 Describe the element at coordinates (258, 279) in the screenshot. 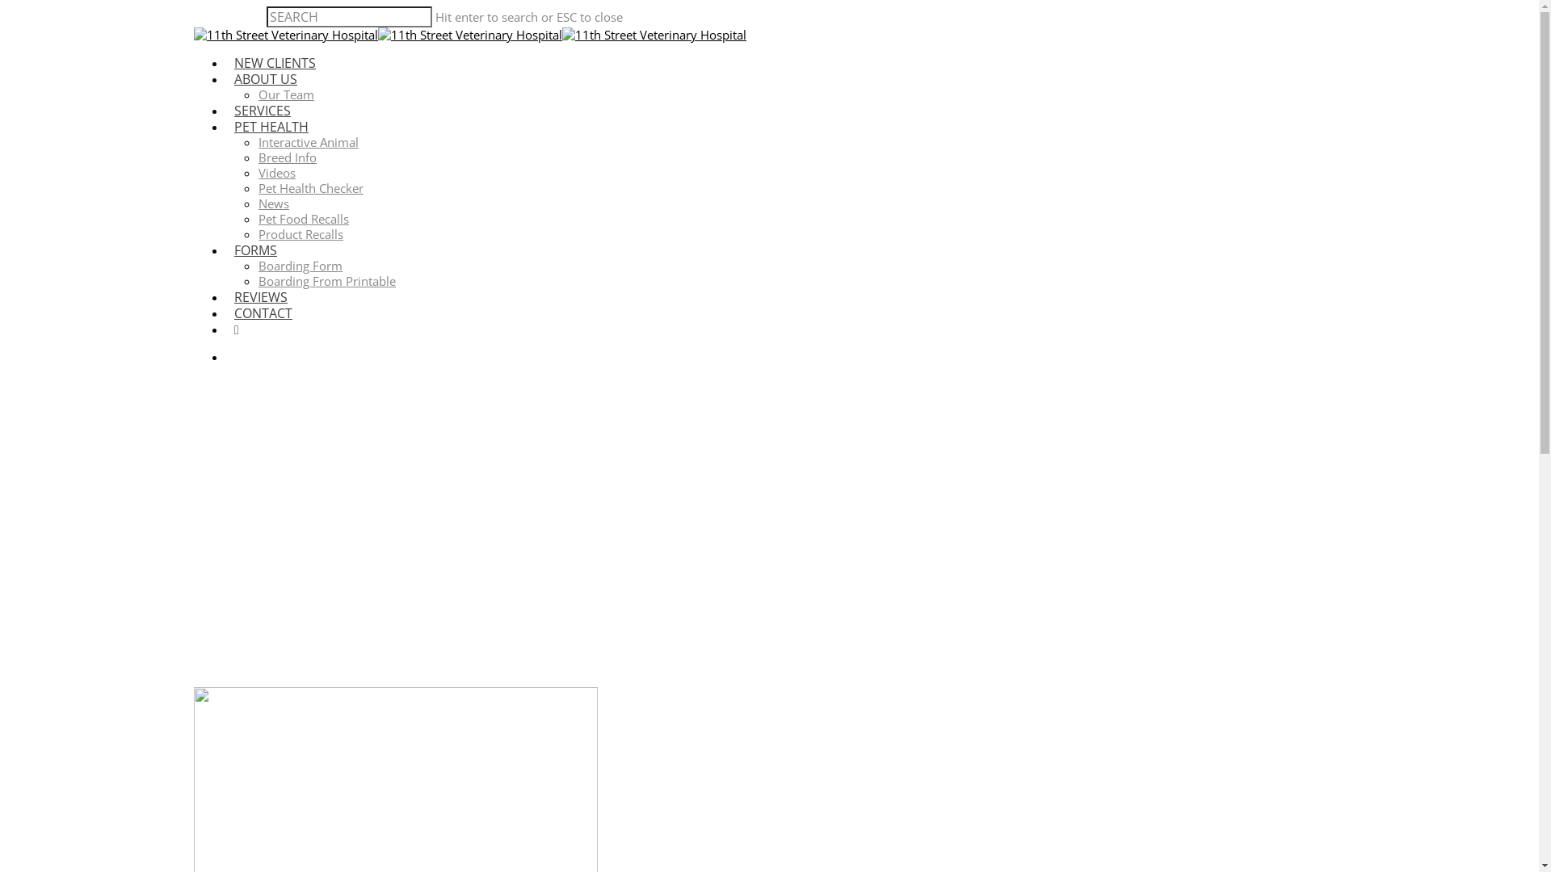

I see `'Boarding From Printable'` at that location.